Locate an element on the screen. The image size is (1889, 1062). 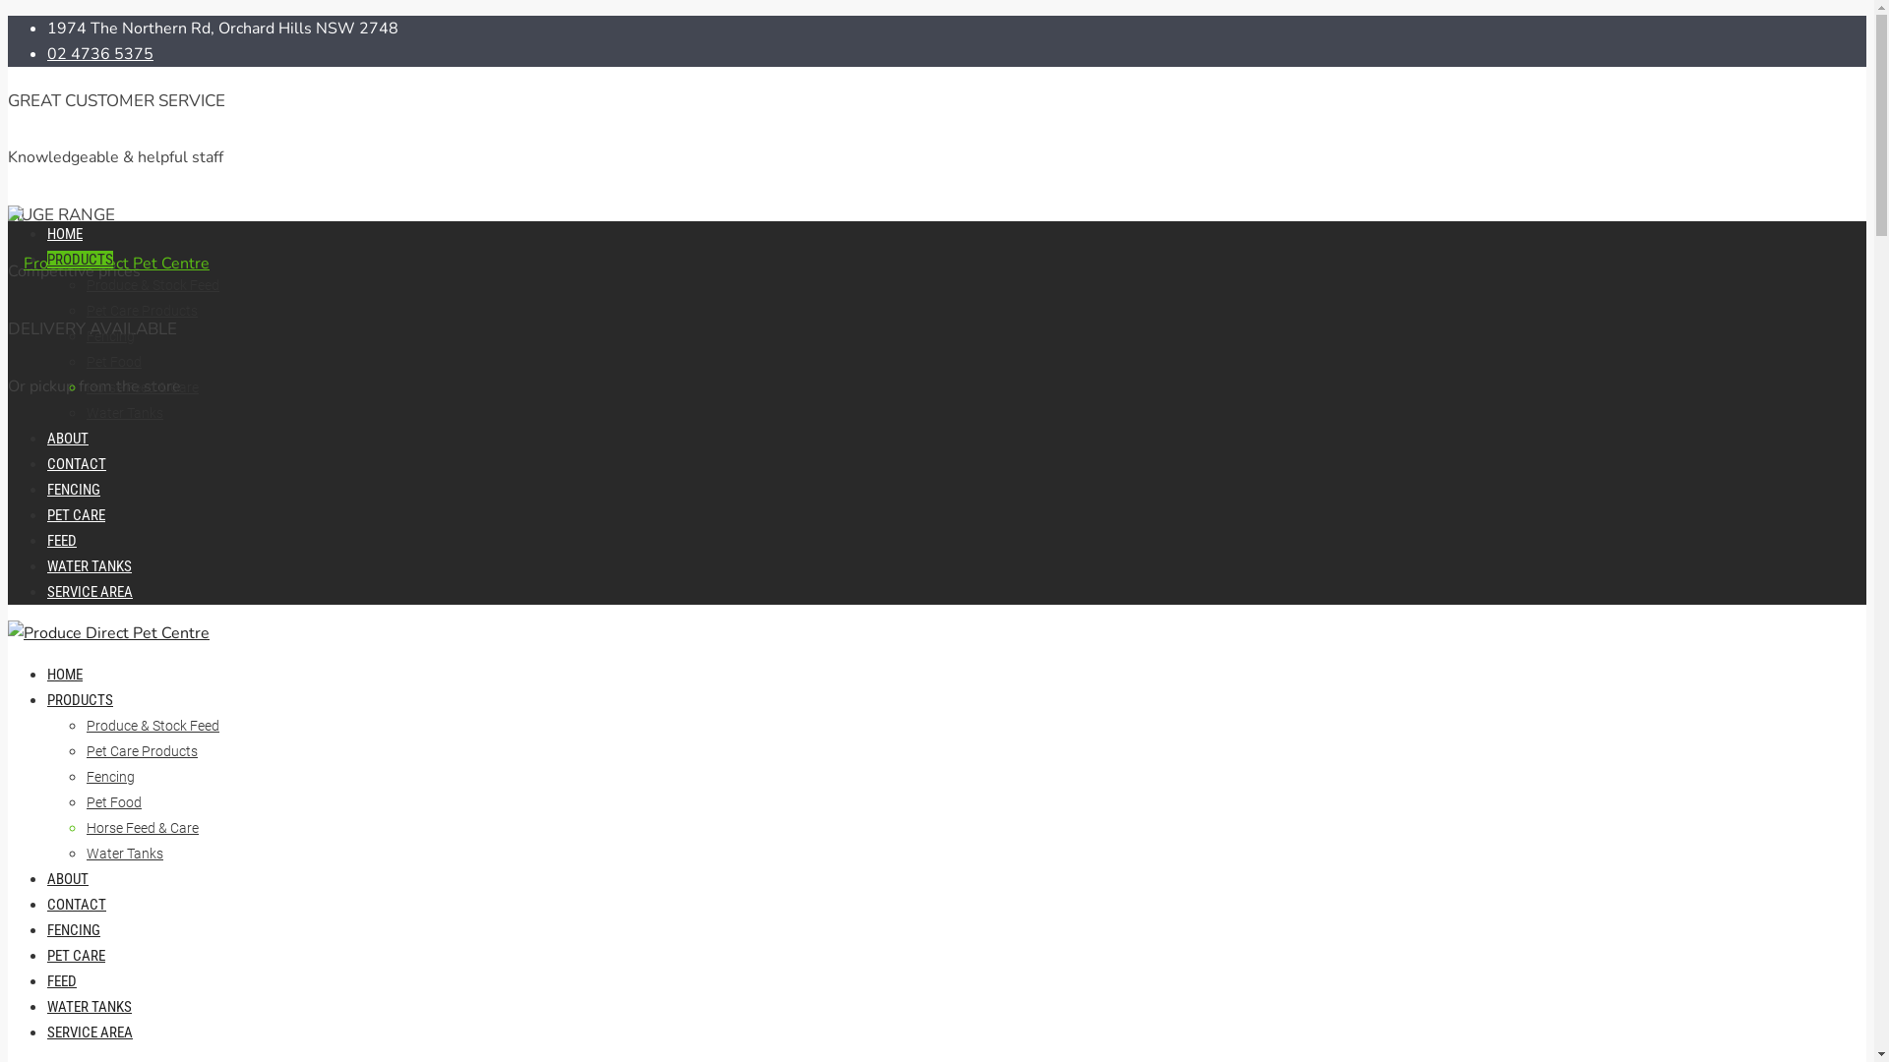
'PET CARE' is located at coordinates (76, 514).